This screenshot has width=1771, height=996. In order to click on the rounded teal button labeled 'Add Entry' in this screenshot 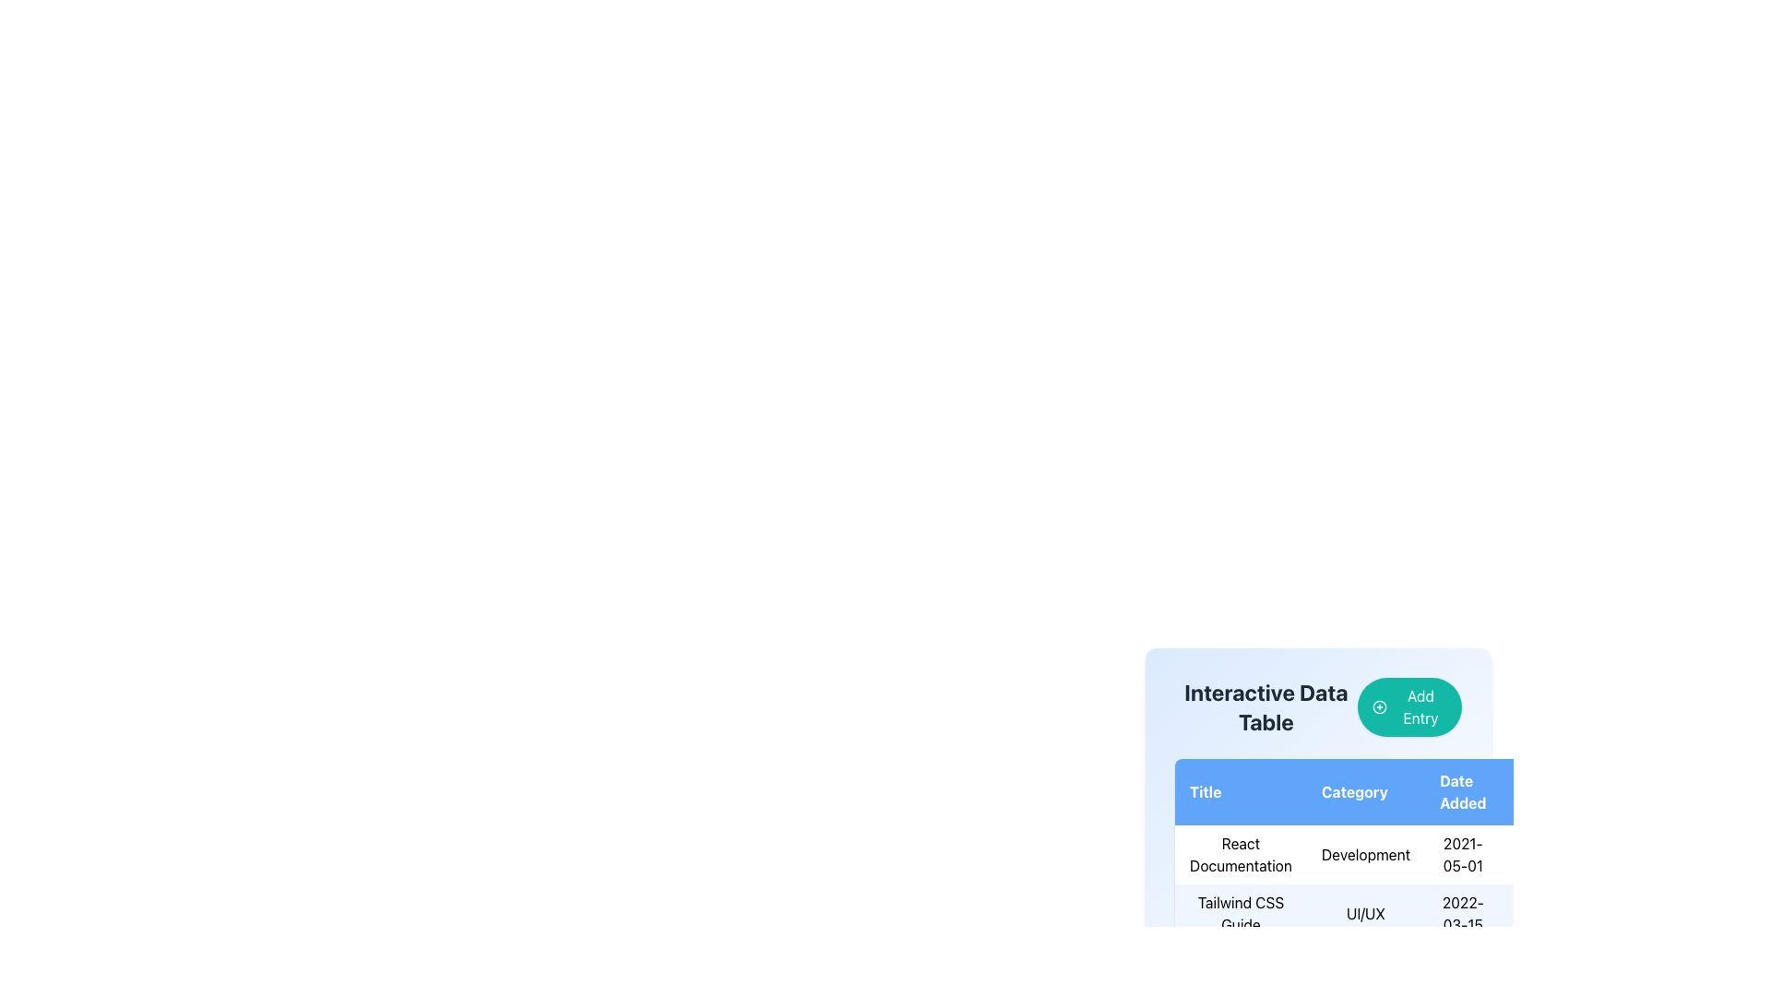, I will do `click(1408, 706)`.